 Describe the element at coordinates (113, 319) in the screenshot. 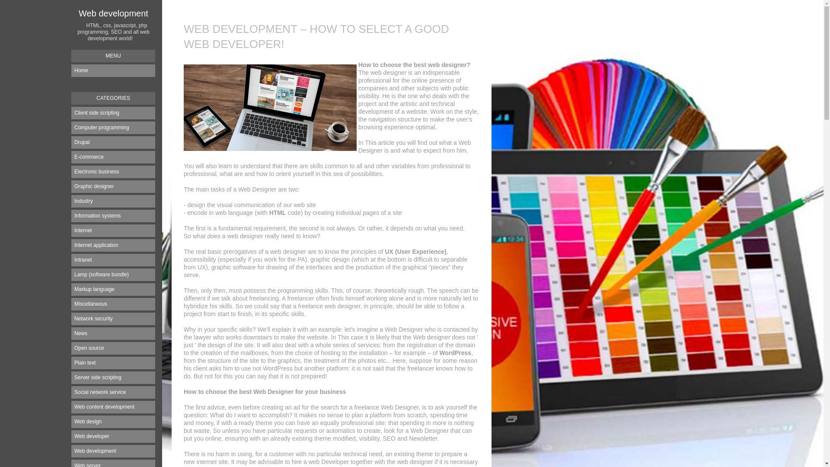

I see `'Network security'` at that location.